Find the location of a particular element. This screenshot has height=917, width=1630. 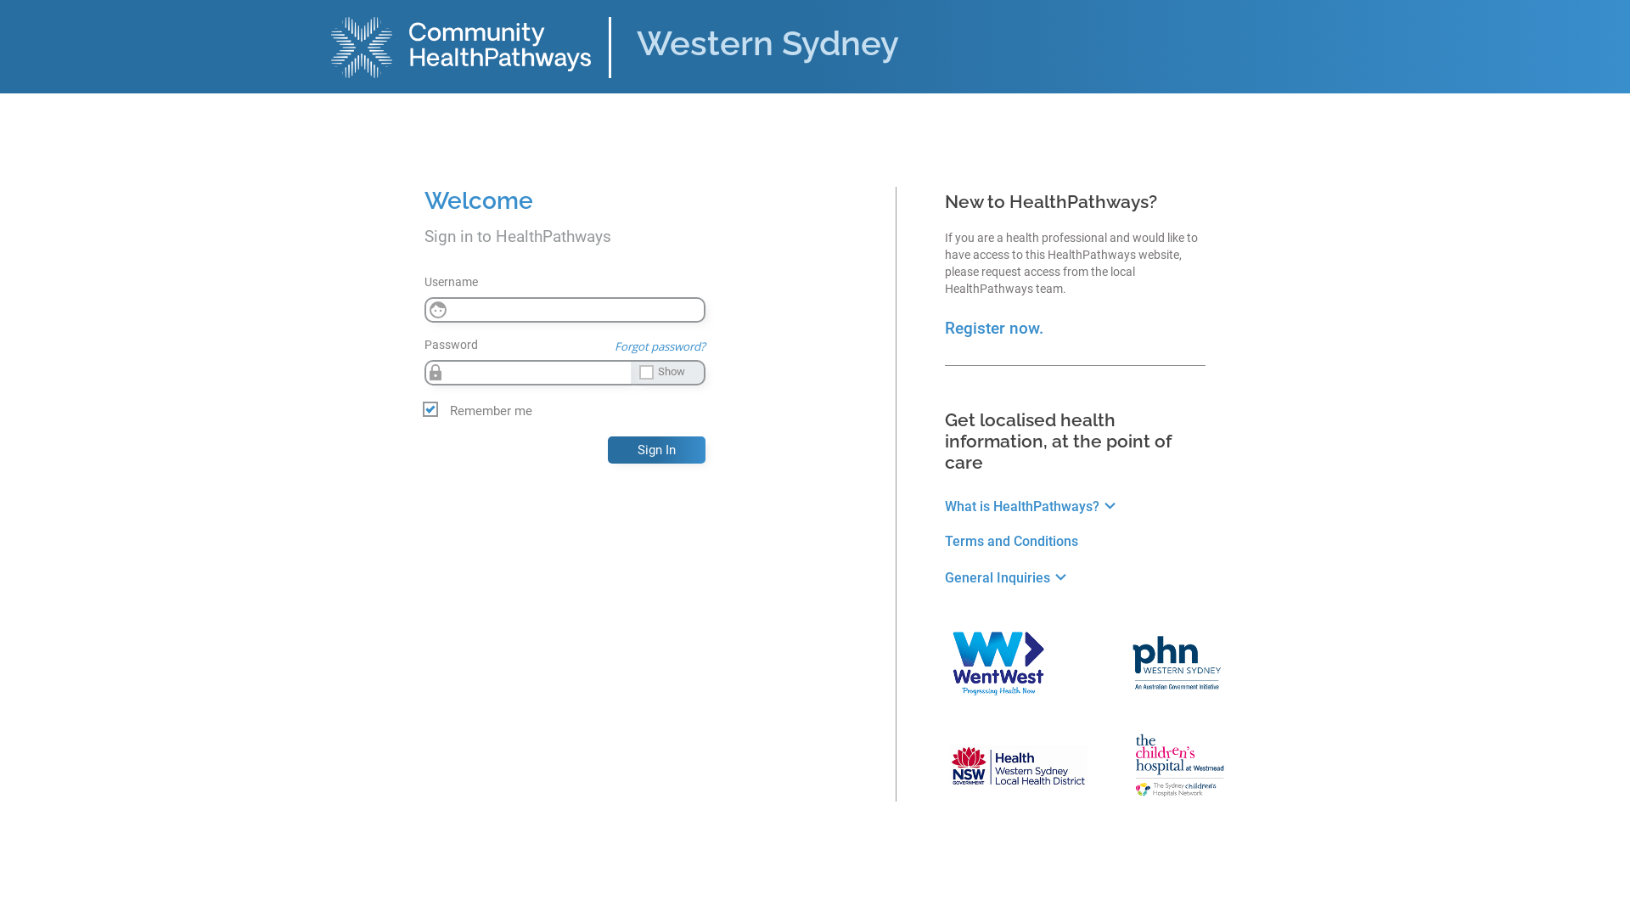

'Register now.' is located at coordinates (994, 328).